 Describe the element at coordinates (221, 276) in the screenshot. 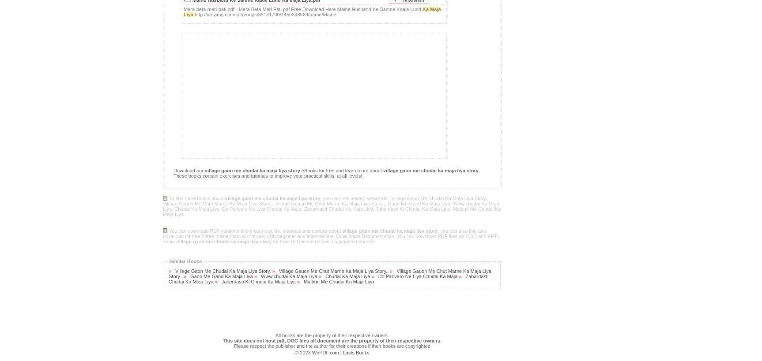

I see `'Gaon Me Gand Ka Maja Liya'` at that location.